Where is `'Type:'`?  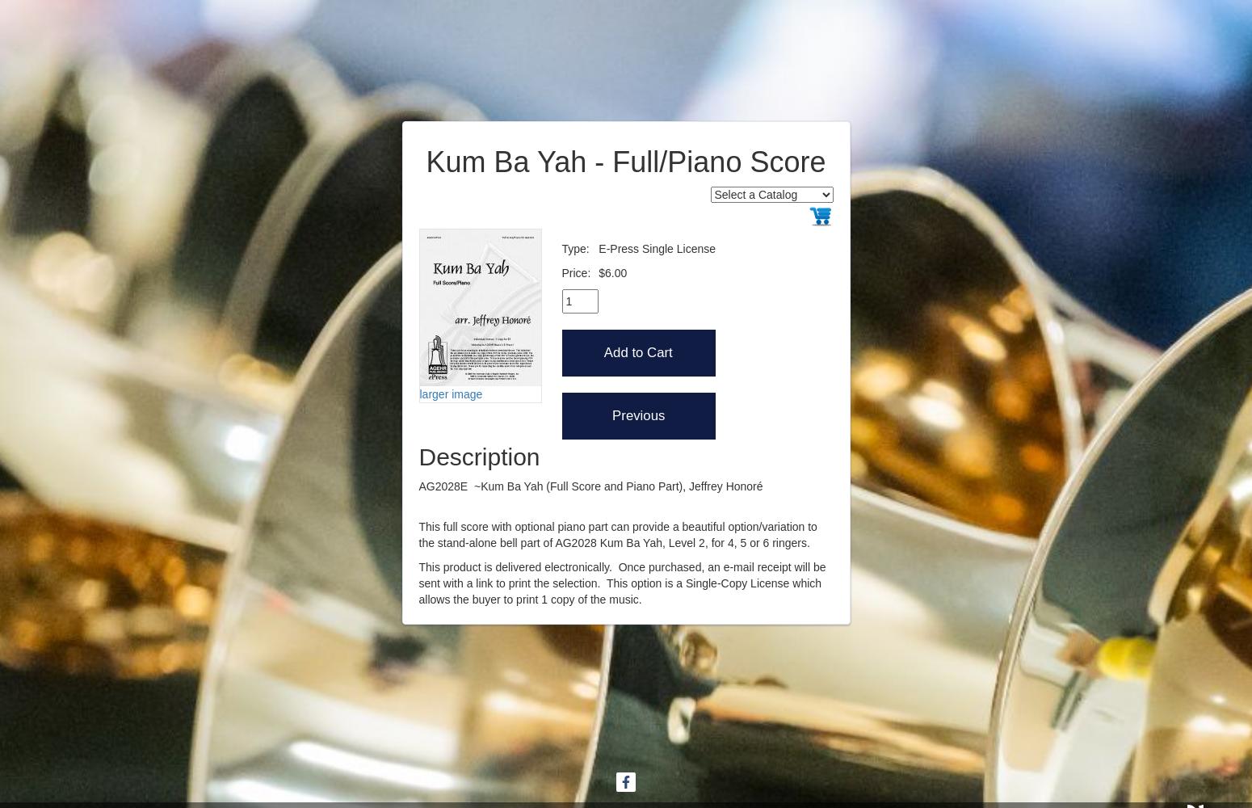
'Type:' is located at coordinates (561, 248).